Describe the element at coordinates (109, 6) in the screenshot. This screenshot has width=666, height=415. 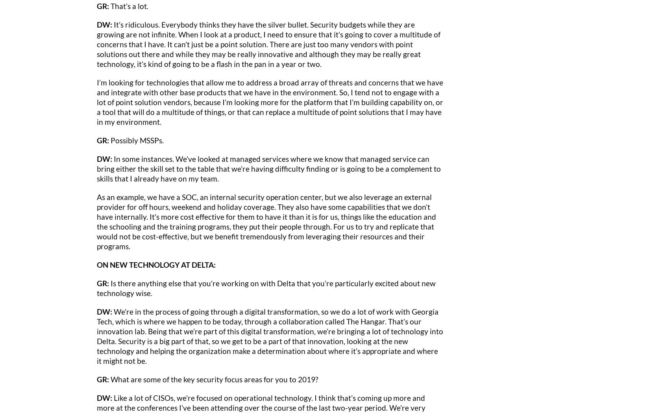
I see `'That’s a lot.'` at that location.